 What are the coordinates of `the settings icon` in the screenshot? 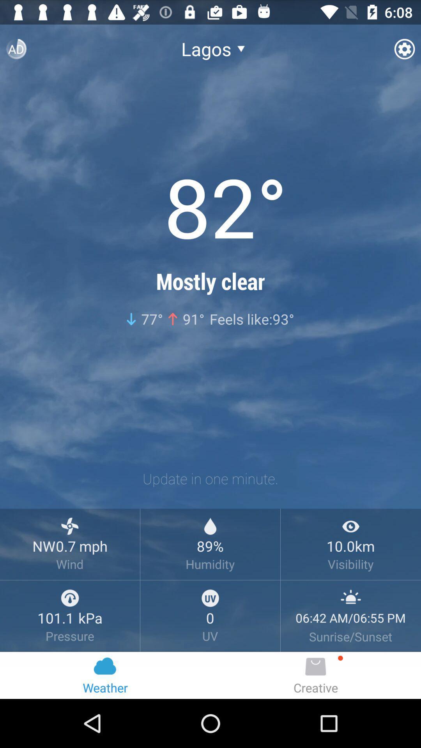 It's located at (404, 52).